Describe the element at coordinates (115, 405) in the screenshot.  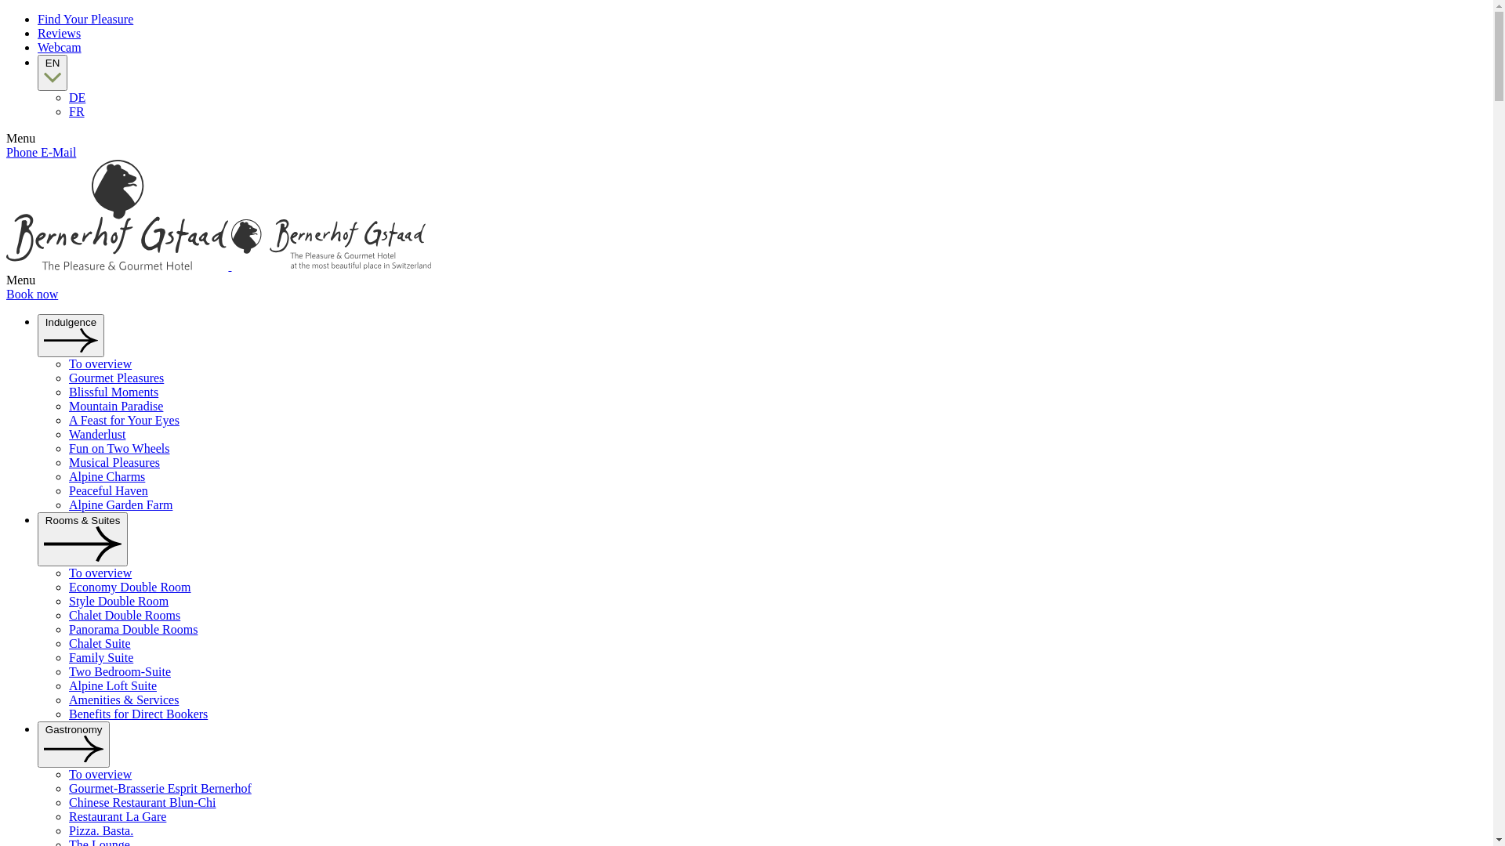
I see `'Mountain Paradise'` at that location.